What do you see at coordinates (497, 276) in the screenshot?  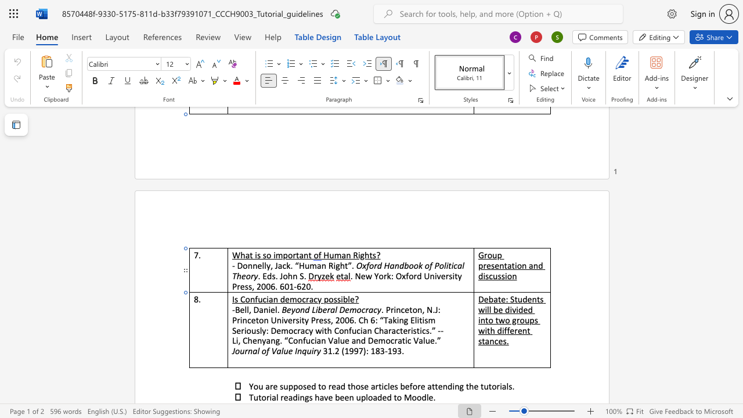 I see `the space between the continuous character "u" and "s" in the text` at bounding box center [497, 276].